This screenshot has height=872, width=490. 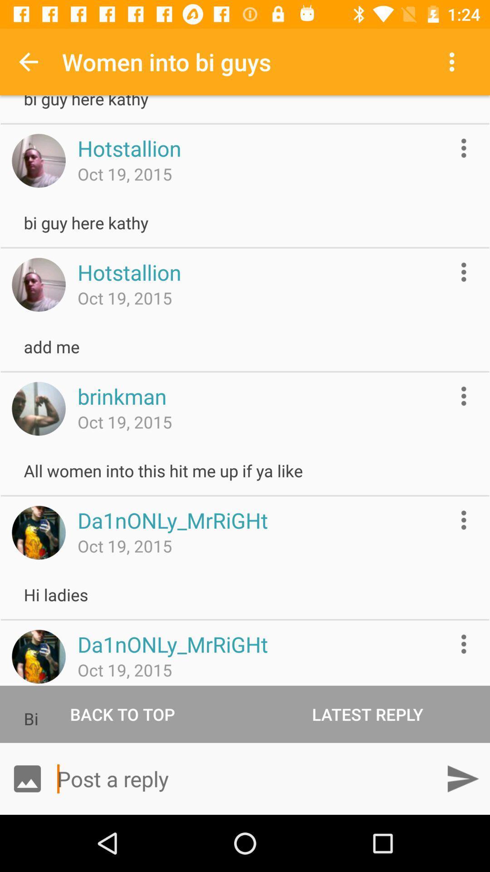 What do you see at coordinates (38, 656) in the screenshot?
I see `icon` at bounding box center [38, 656].